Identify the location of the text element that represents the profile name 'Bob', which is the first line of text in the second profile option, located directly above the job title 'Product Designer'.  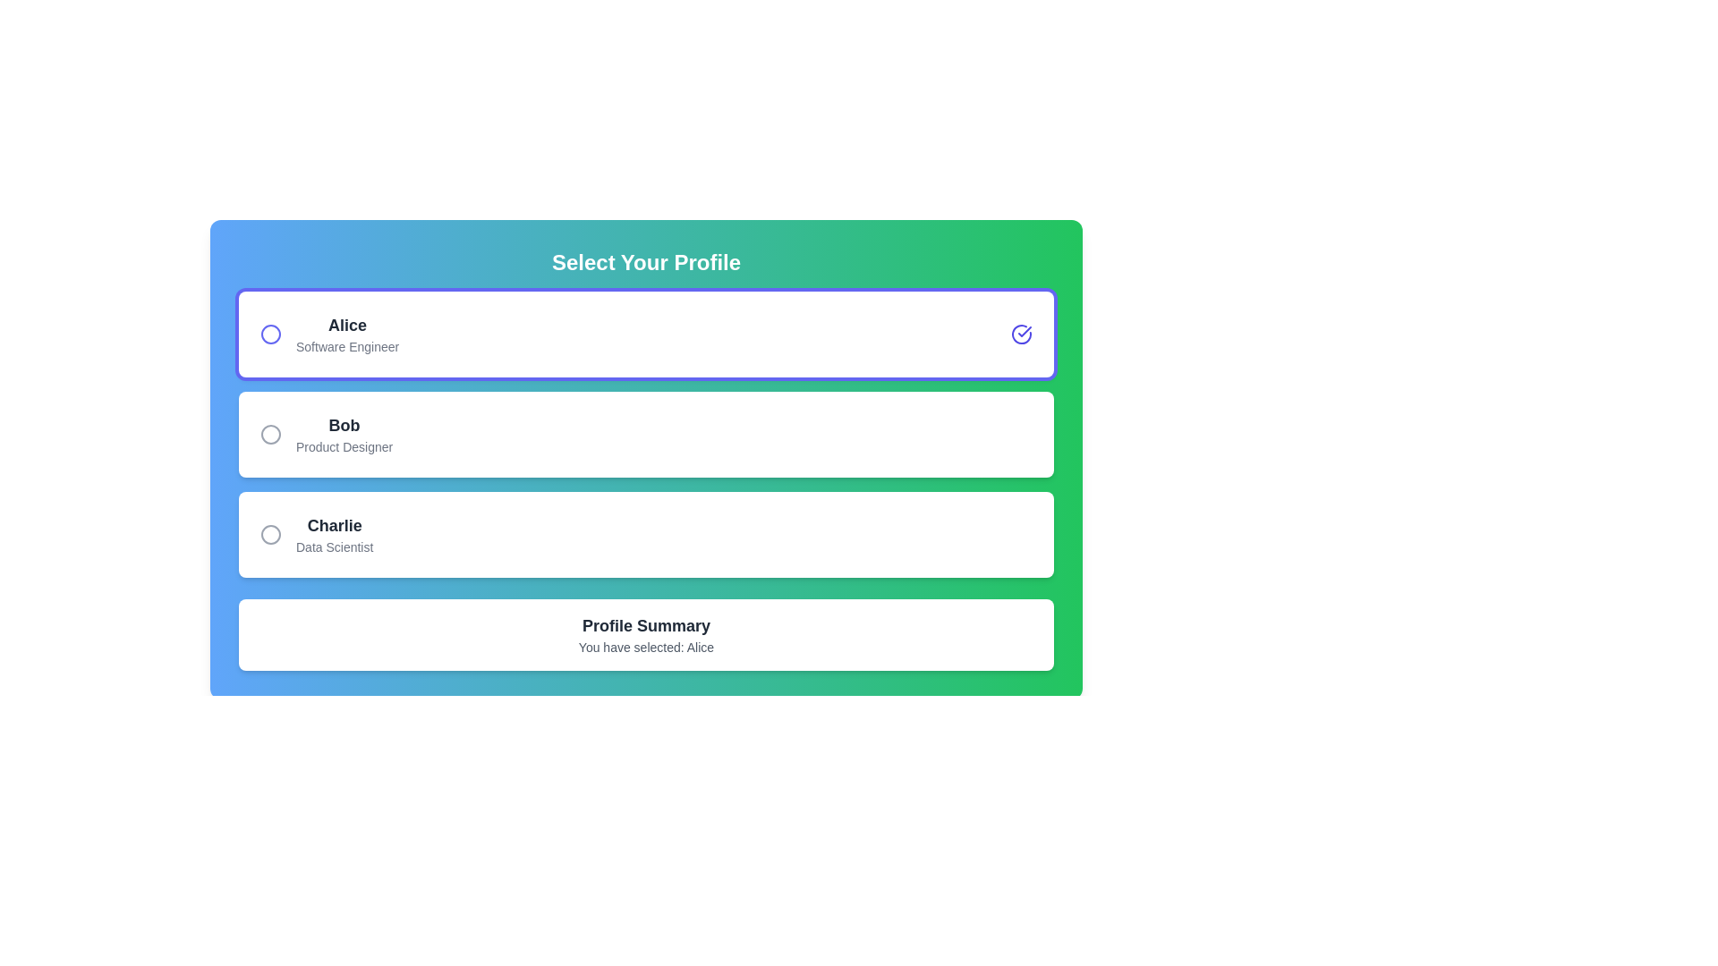
(344, 425).